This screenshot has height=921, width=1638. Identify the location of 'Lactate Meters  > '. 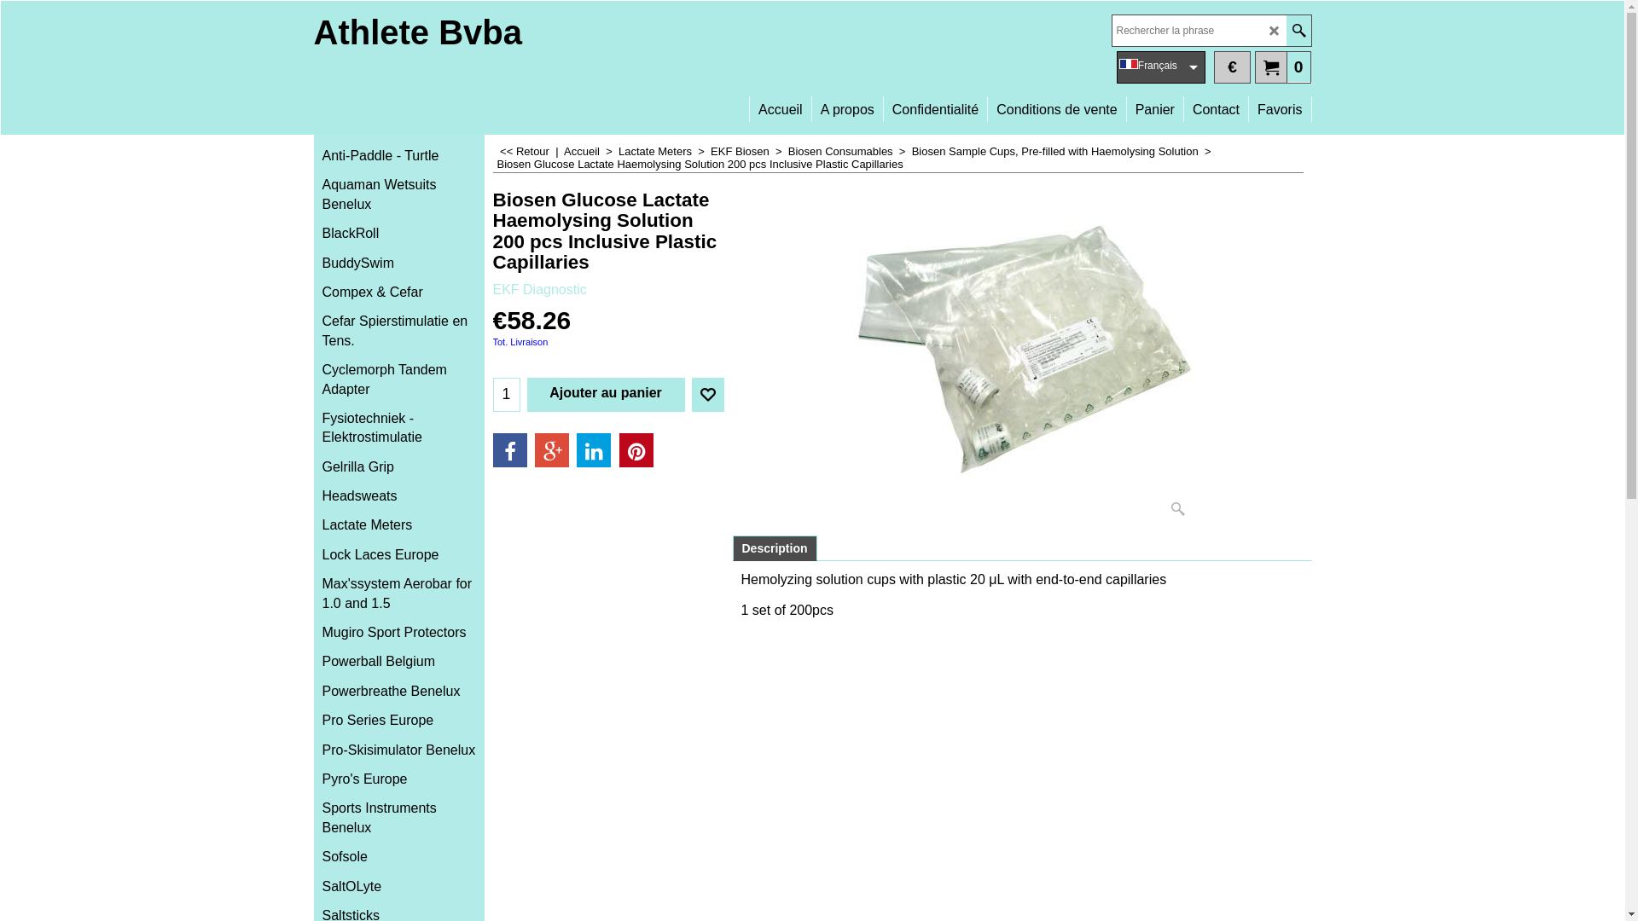
(663, 150).